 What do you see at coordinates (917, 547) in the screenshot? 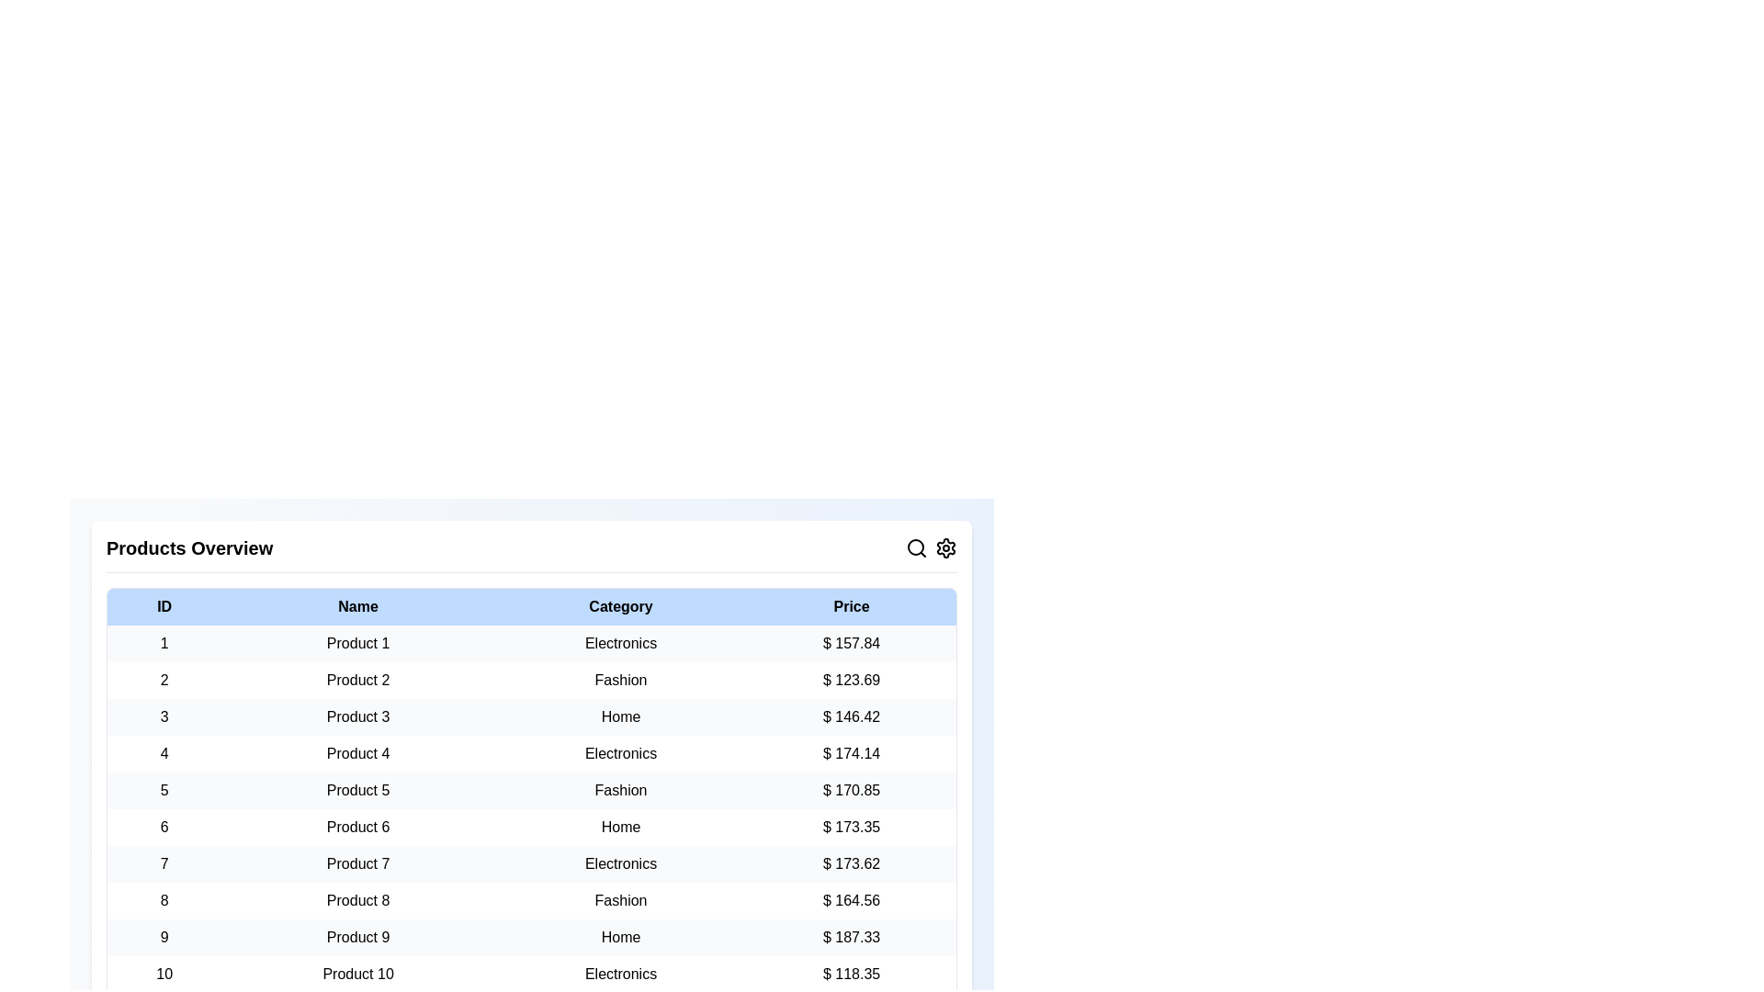
I see `the search icon to activate its functionality` at bounding box center [917, 547].